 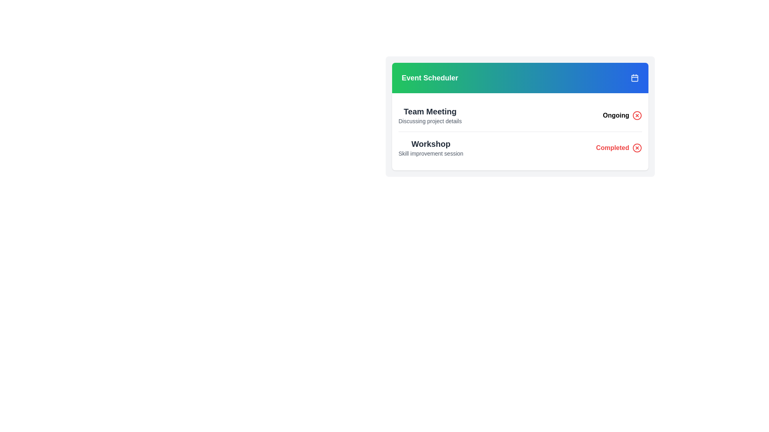 What do you see at coordinates (634, 78) in the screenshot?
I see `the calendar icon located at the top-right corner of the 'Event Scheduler' header` at bounding box center [634, 78].